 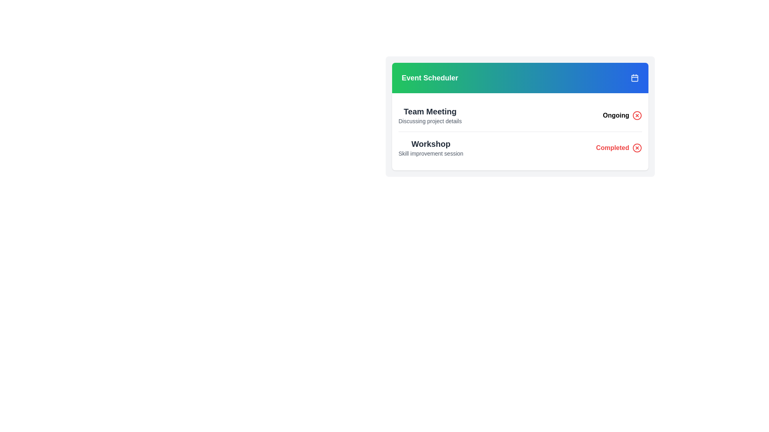 What do you see at coordinates (634, 78) in the screenshot?
I see `the calendar icon located at the top-right corner of the 'Event Scheduler' header` at bounding box center [634, 78].